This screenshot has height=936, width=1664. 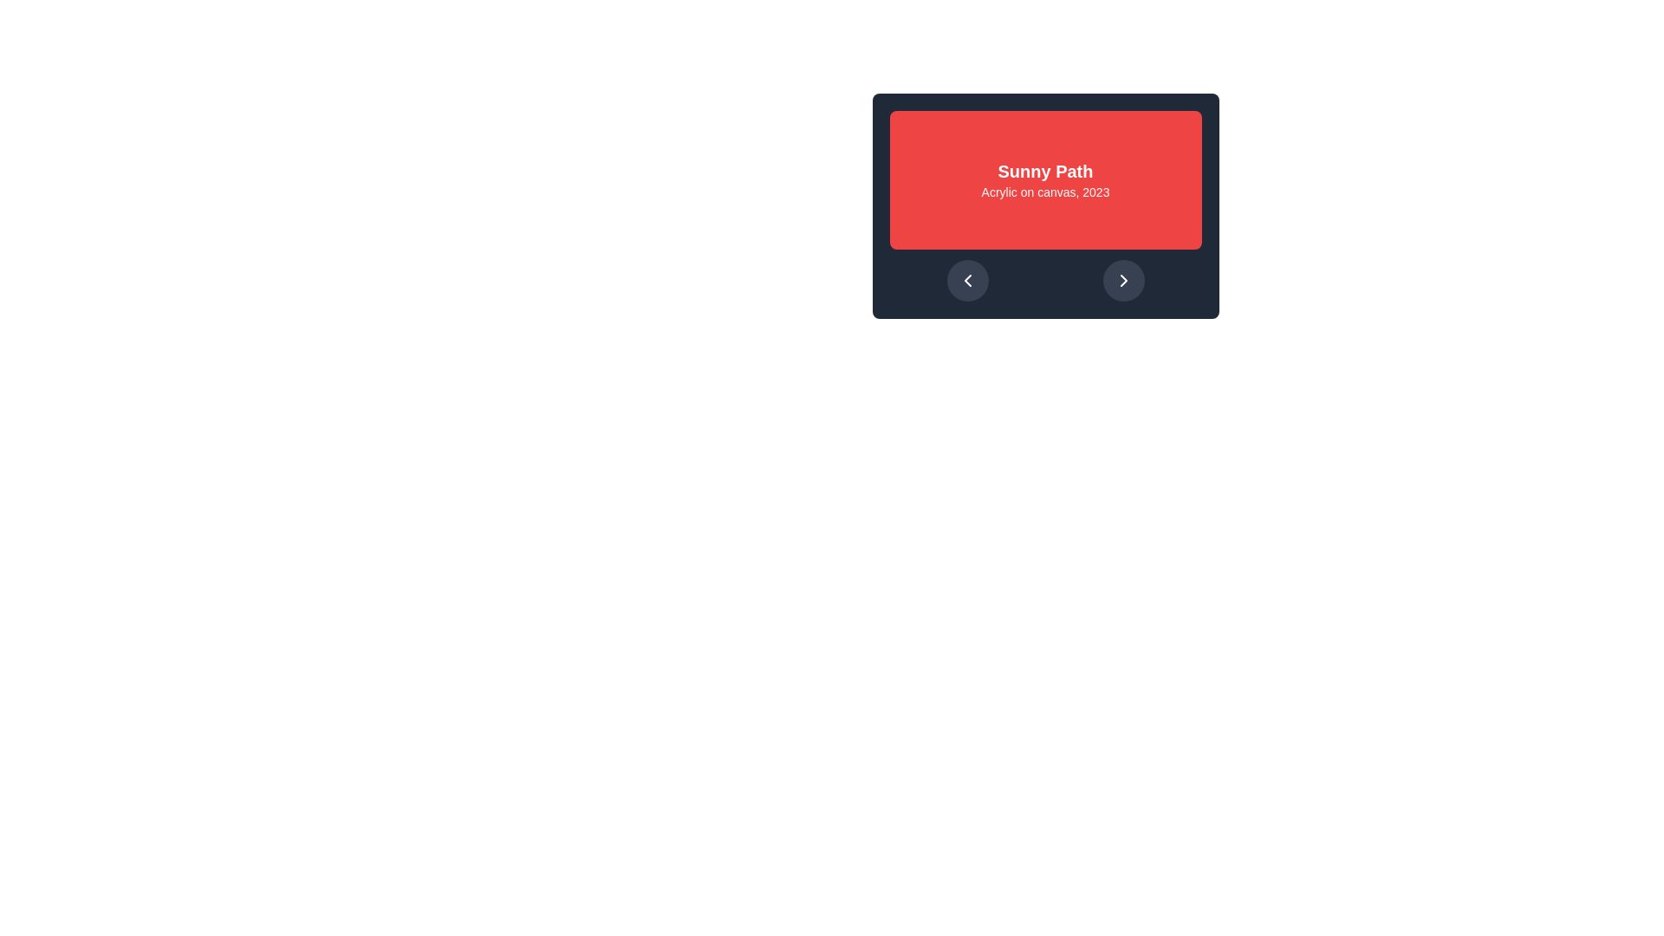 What do you see at coordinates (966, 280) in the screenshot?
I see `the circular button with a dark gray background and a white leftward-chevron icon` at bounding box center [966, 280].